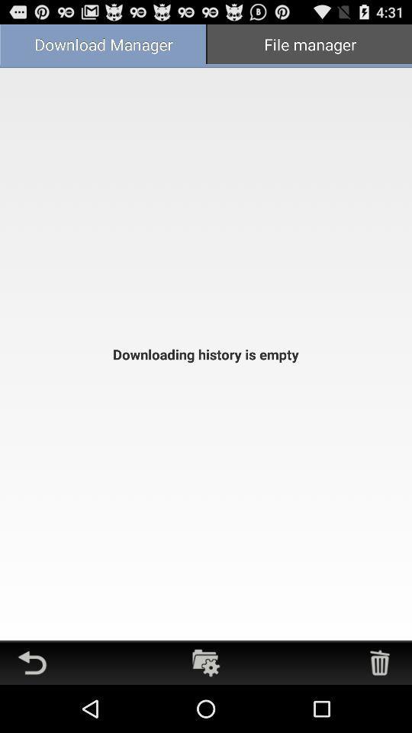 Image resolution: width=412 pixels, height=733 pixels. Describe the element at coordinates (32, 662) in the screenshot. I see `return to last page` at that location.